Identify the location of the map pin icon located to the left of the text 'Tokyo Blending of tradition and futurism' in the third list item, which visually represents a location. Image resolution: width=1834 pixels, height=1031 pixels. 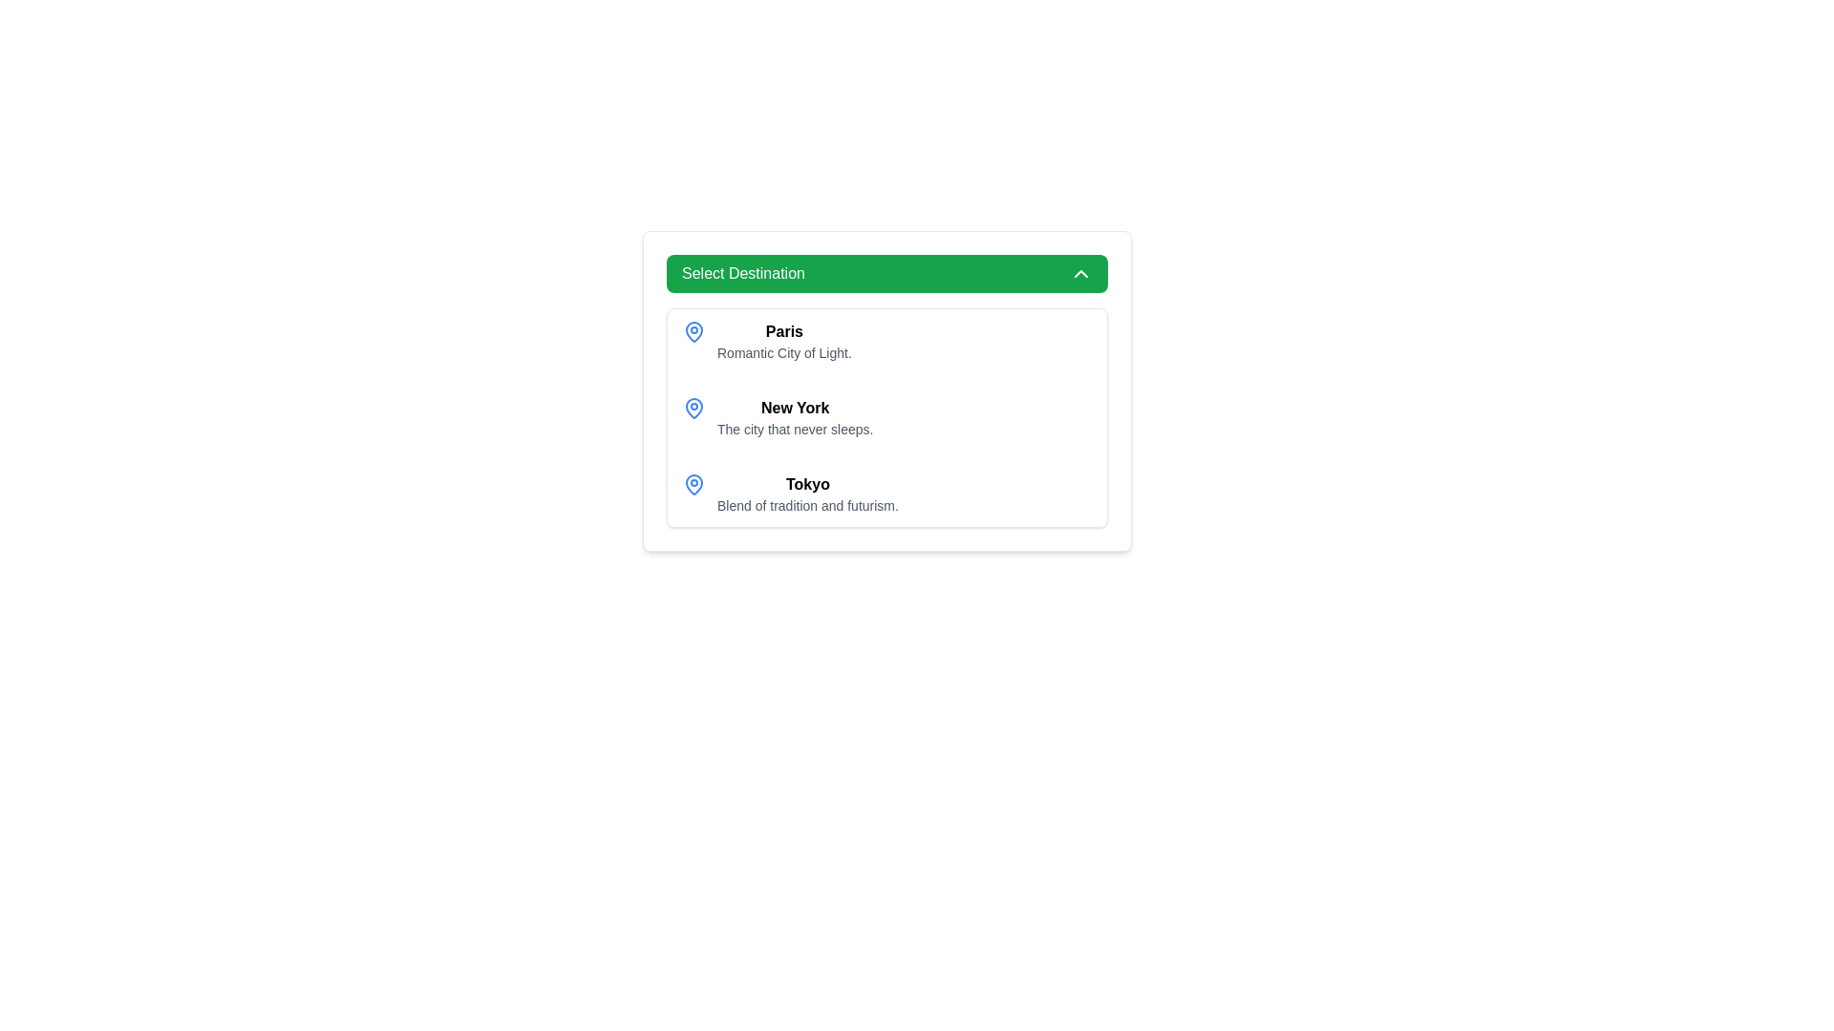
(693, 484).